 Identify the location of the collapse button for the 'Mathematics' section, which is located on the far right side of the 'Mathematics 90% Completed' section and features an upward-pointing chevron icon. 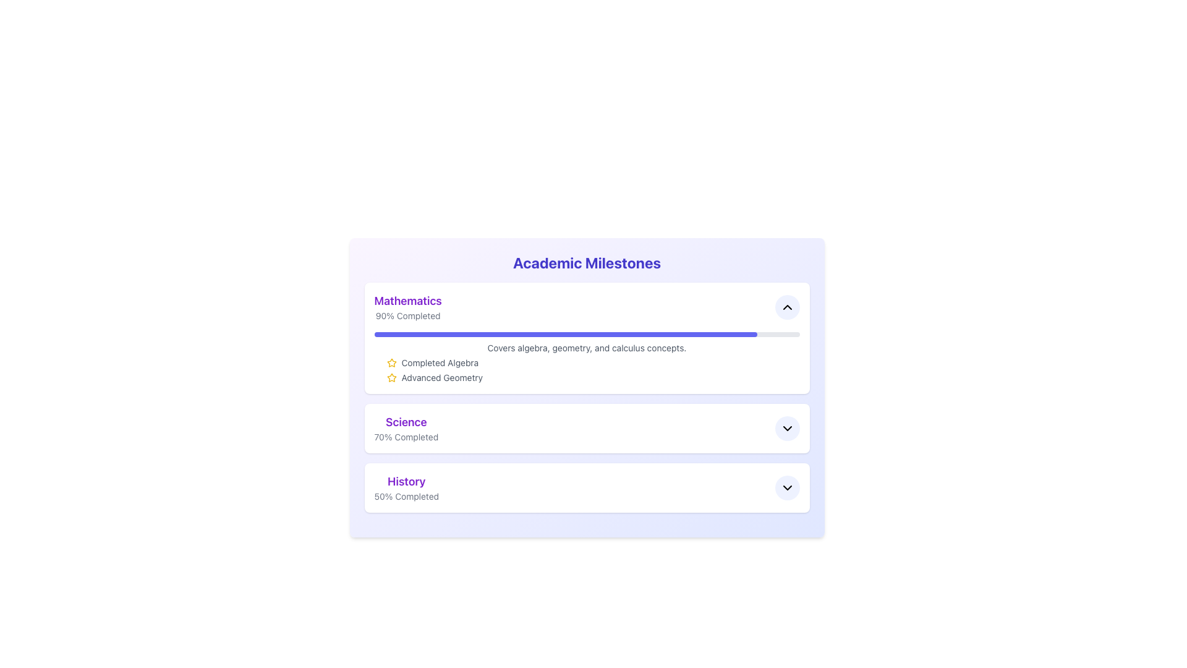
(786, 307).